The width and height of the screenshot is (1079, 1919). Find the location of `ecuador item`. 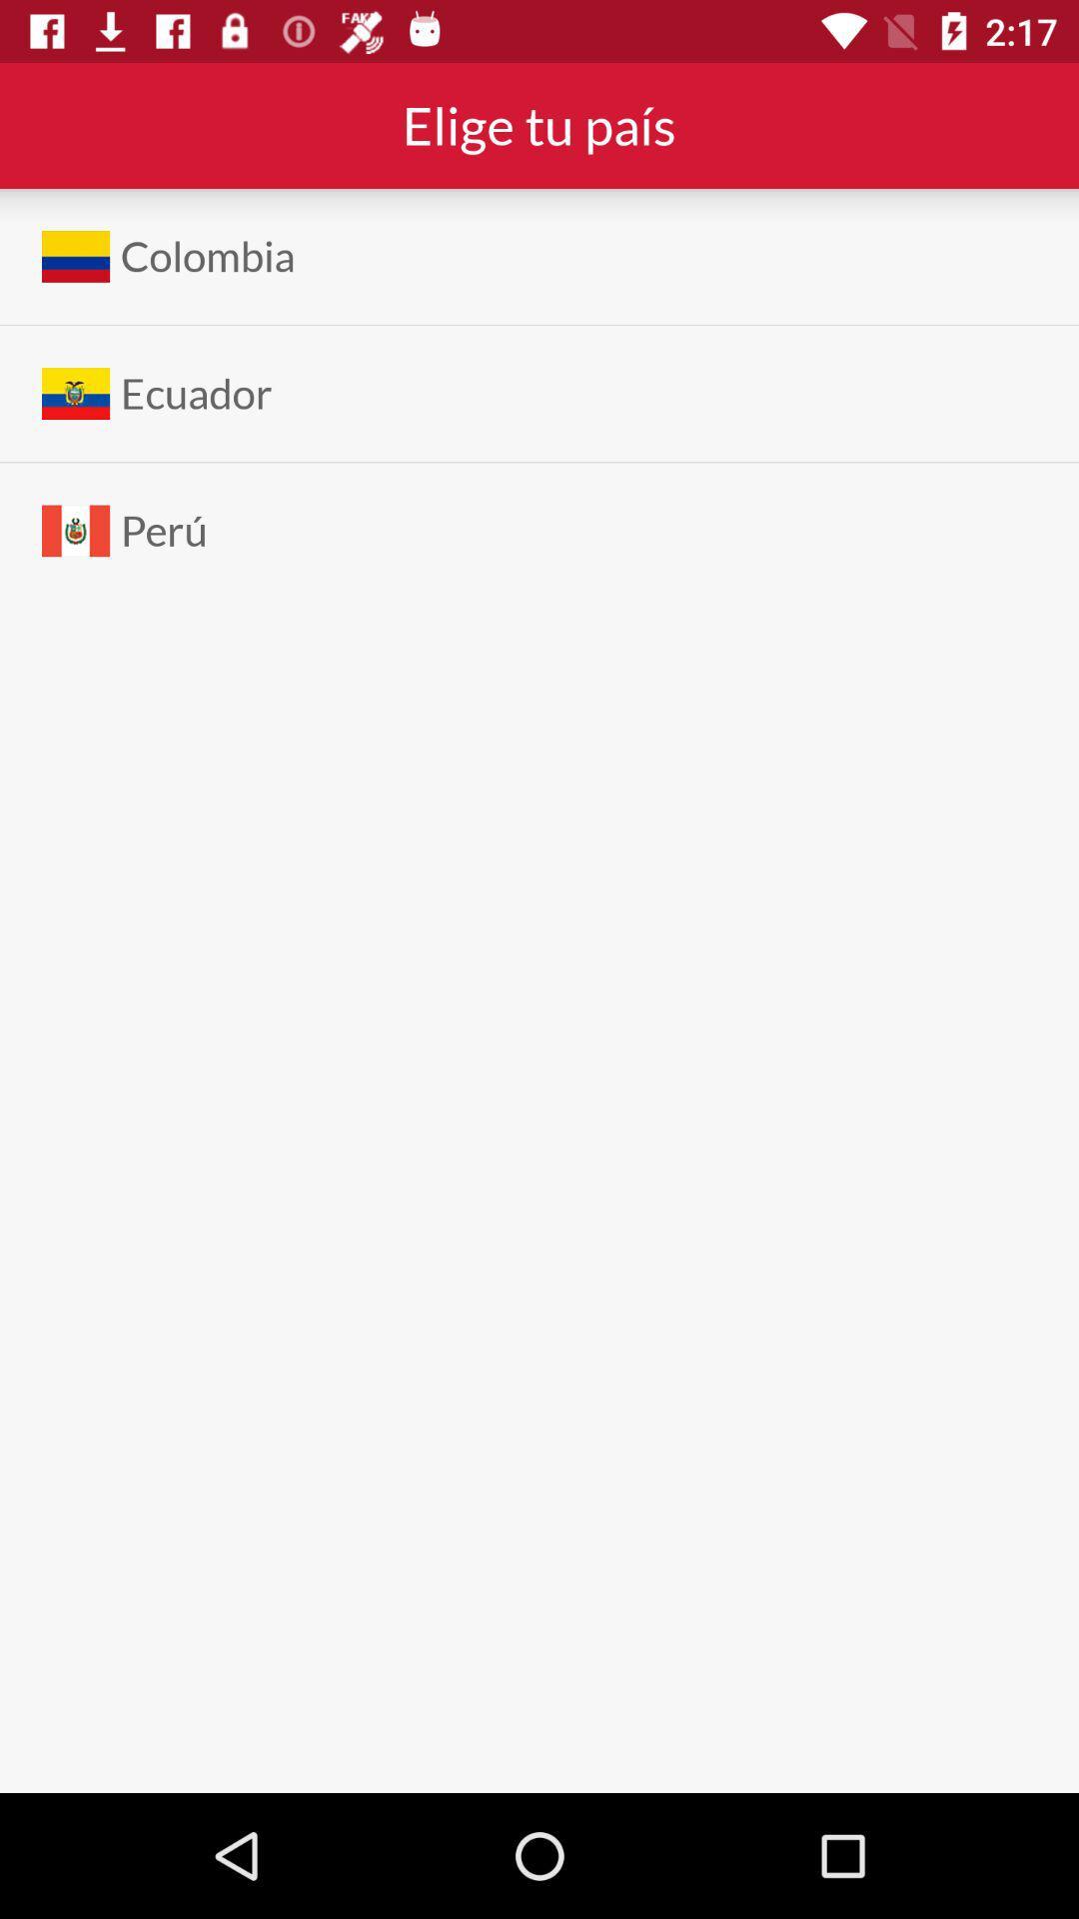

ecuador item is located at coordinates (196, 394).